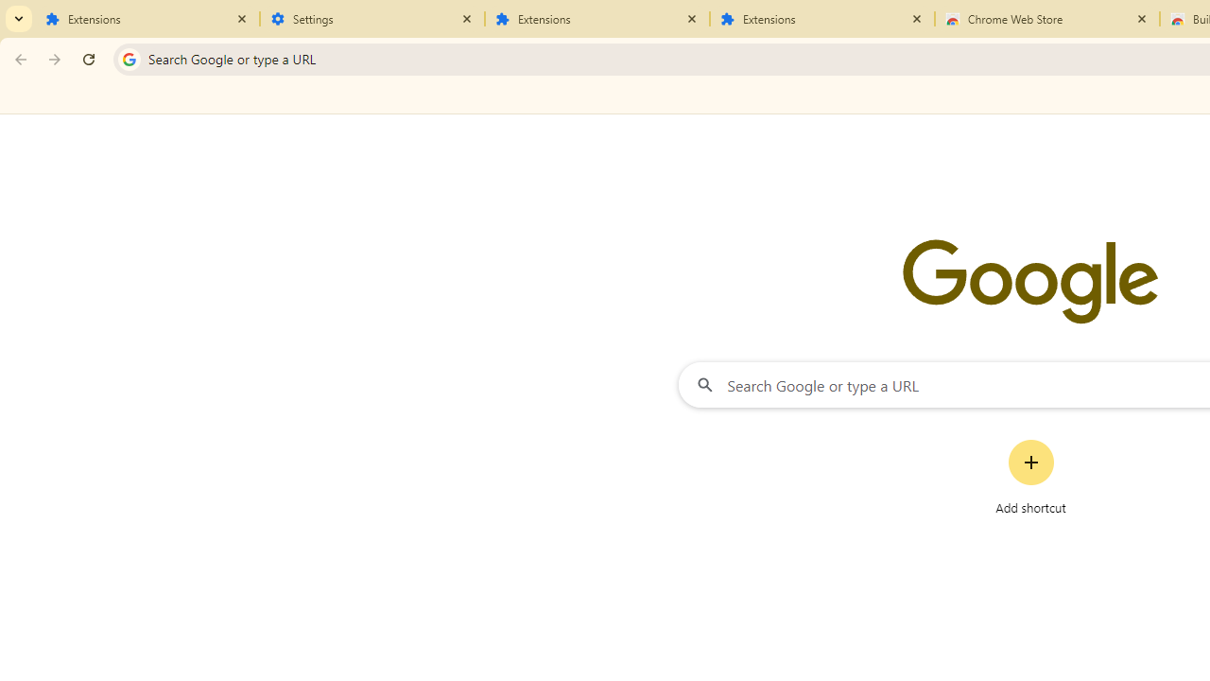 The width and height of the screenshot is (1210, 681). What do you see at coordinates (147, 19) in the screenshot?
I see `'Extensions'` at bounding box center [147, 19].